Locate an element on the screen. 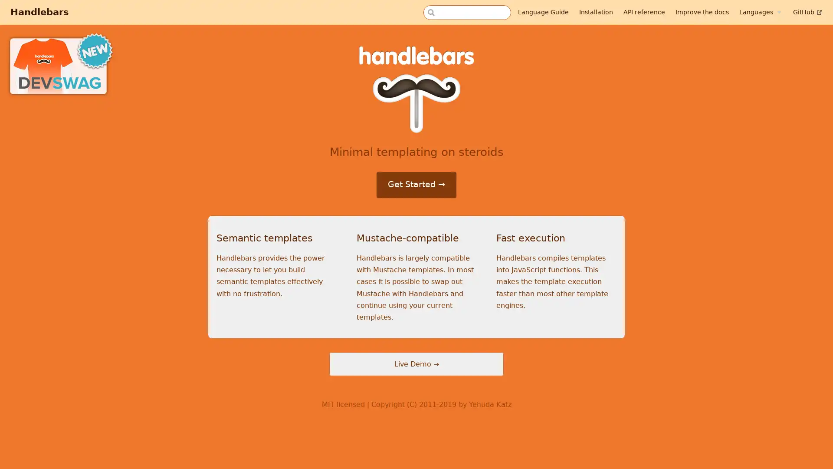  Languages is located at coordinates (759, 12).